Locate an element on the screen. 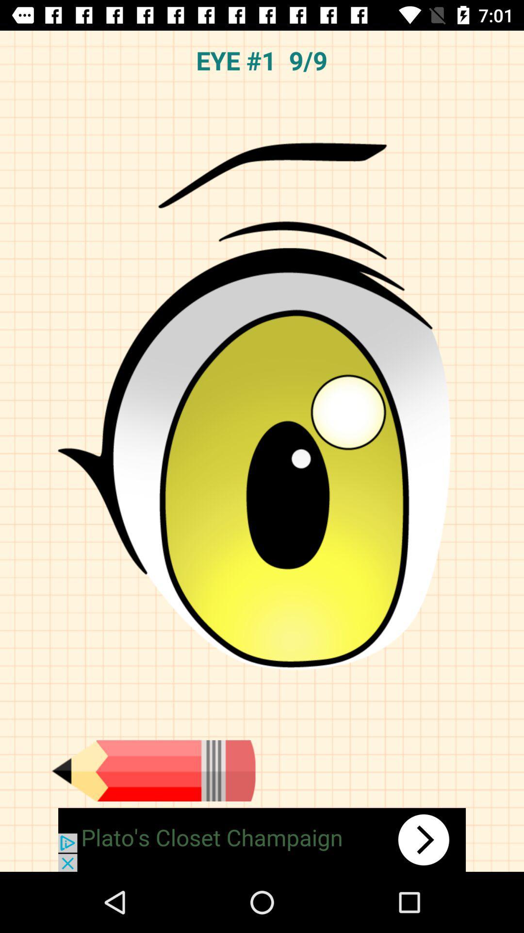 This screenshot has width=524, height=933. advertisement is located at coordinates (262, 839).